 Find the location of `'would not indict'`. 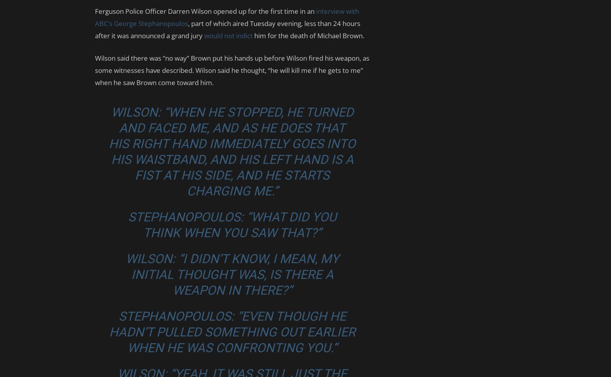

'would not indict' is located at coordinates (228, 35).